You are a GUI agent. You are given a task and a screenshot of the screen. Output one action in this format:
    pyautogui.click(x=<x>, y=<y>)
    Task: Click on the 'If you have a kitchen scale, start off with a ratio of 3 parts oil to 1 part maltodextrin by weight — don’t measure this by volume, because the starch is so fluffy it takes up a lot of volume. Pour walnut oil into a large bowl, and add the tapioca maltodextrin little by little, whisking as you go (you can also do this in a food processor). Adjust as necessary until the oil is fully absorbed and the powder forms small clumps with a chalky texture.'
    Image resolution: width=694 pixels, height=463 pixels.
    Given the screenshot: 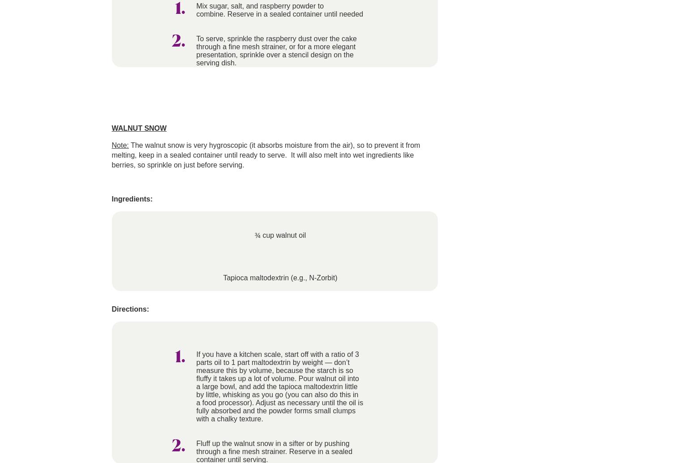 What is the action you would take?
    pyautogui.click(x=279, y=386)
    